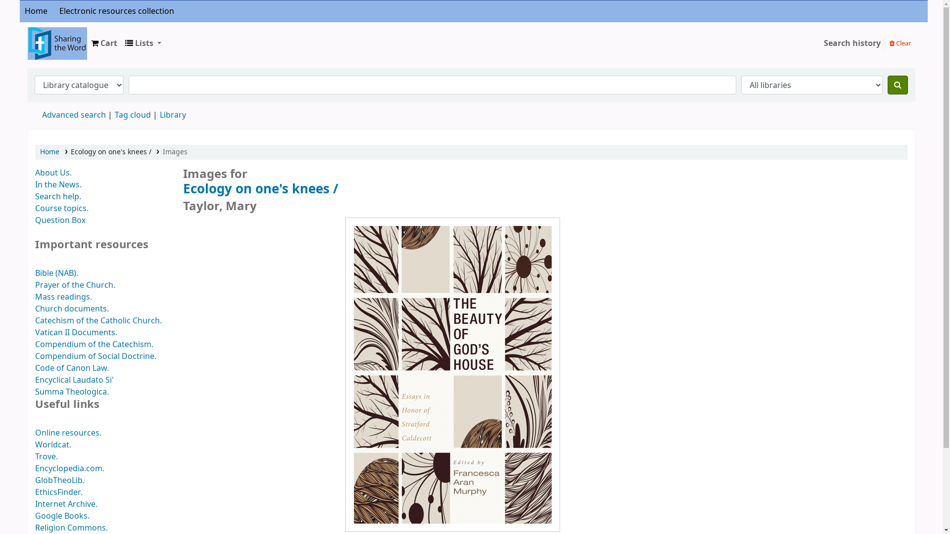 This screenshot has height=534, width=950. Describe the element at coordinates (159, 114) in the screenshot. I see `'Library'` at that location.